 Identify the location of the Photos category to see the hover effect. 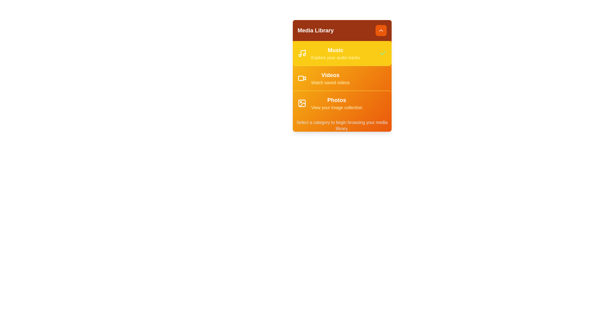
(342, 103).